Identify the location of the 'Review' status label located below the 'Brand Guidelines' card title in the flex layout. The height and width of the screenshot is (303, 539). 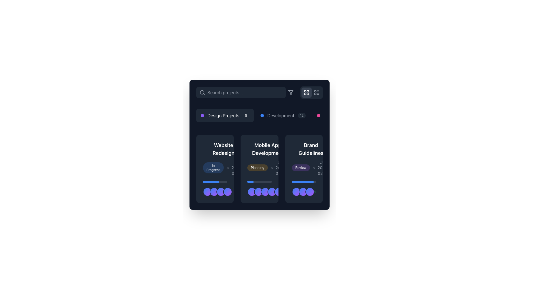
(310, 167).